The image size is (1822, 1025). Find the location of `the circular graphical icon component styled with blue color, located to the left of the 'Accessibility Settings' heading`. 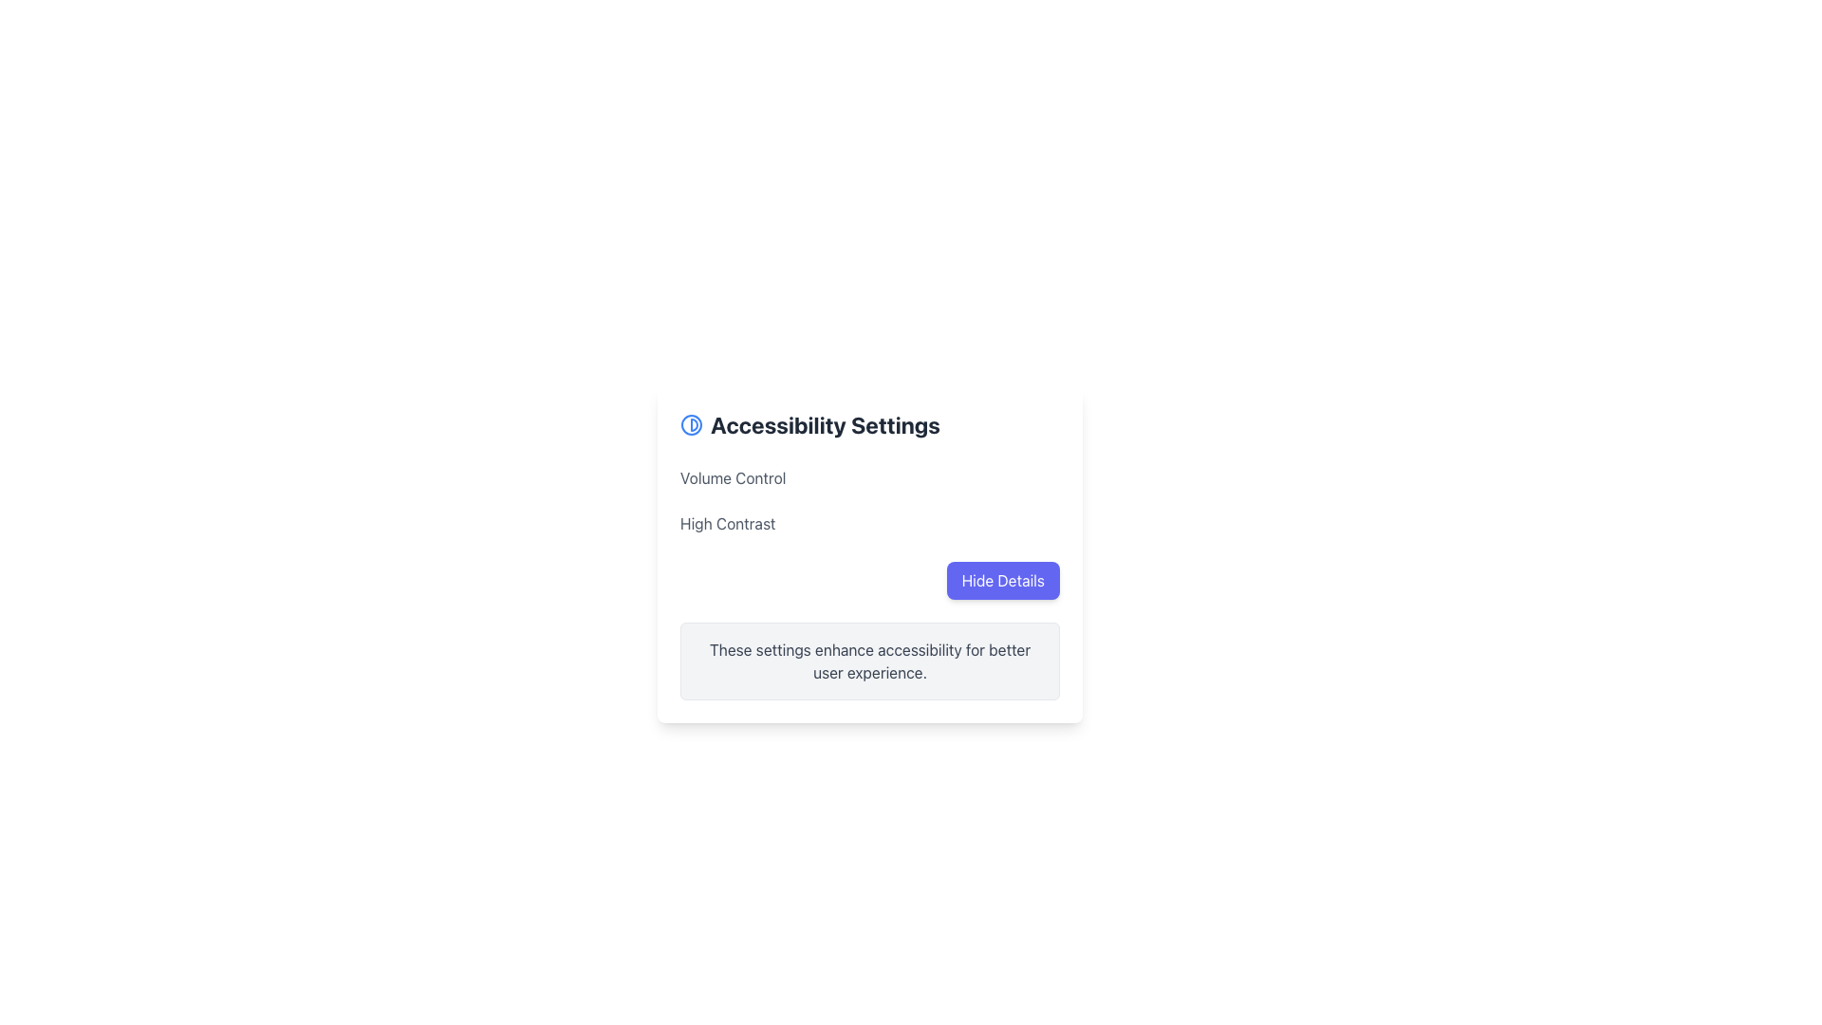

the circular graphical icon component styled with blue color, located to the left of the 'Accessibility Settings' heading is located at coordinates (691, 423).